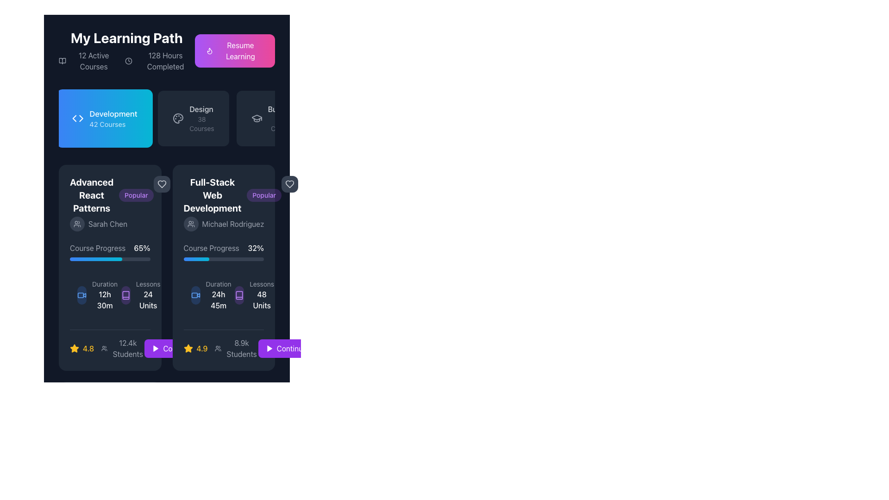 This screenshot has height=500, width=889. Describe the element at coordinates (105, 283) in the screenshot. I see `the text label displaying 'Duration' in light gray color, which is positioned above the '12h 30m' label within the 'Advanced React Patterns' card layout` at that location.